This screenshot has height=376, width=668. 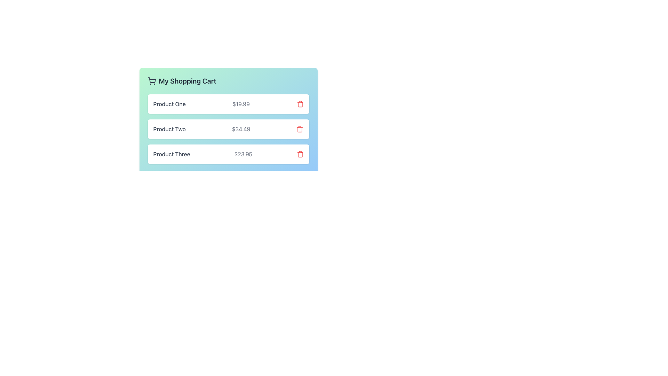 What do you see at coordinates (151, 80) in the screenshot?
I see `the shopping cart icon located to the left of the 'My Shopping Cart' text in the header section` at bounding box center [151, 80].